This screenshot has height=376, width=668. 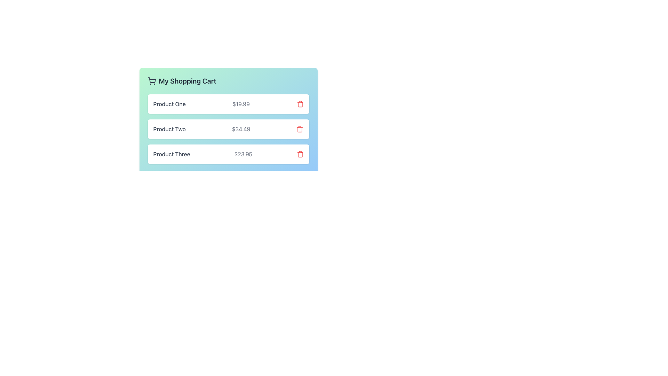 What do you see at coordinates (151, 80) in the screenshot?
I see `the shopping cart icon located to the left of the 'My Shopping Cart' text in the header section` at bounding box center [151, 80].